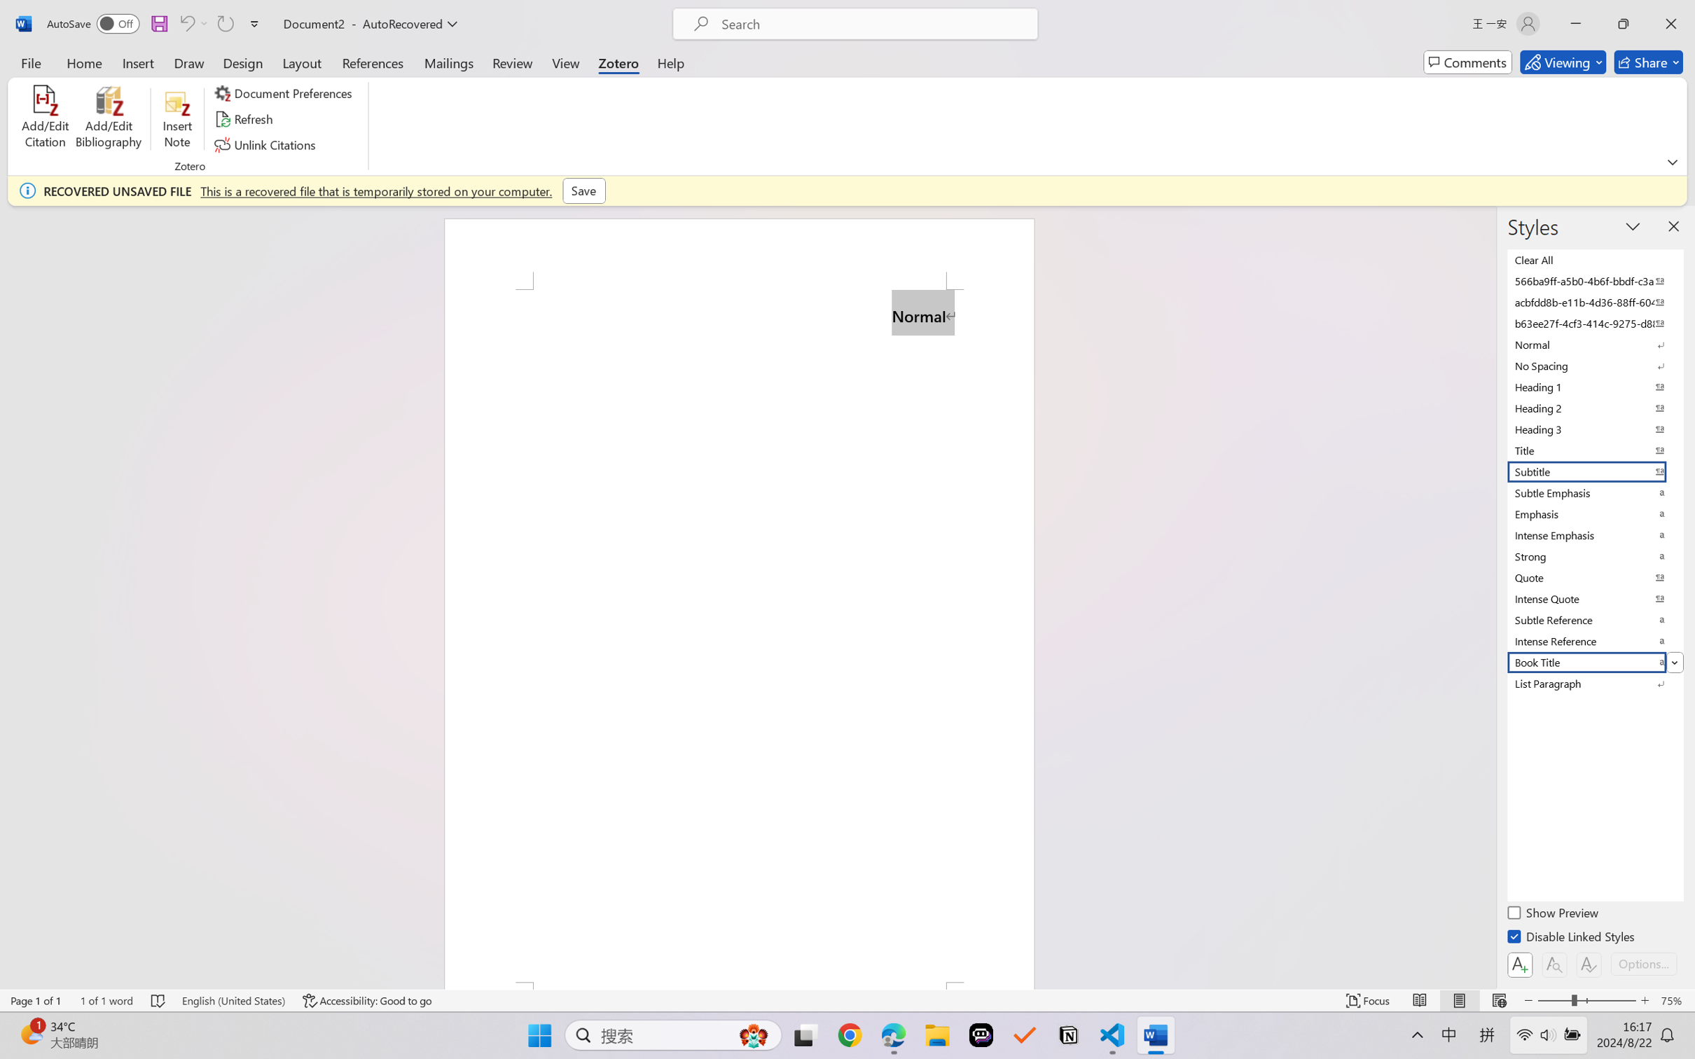  I want to click on '566ba9ff-a5b0-4b6f-bbdf-c3ab41993fc2', so click(1593, 281).